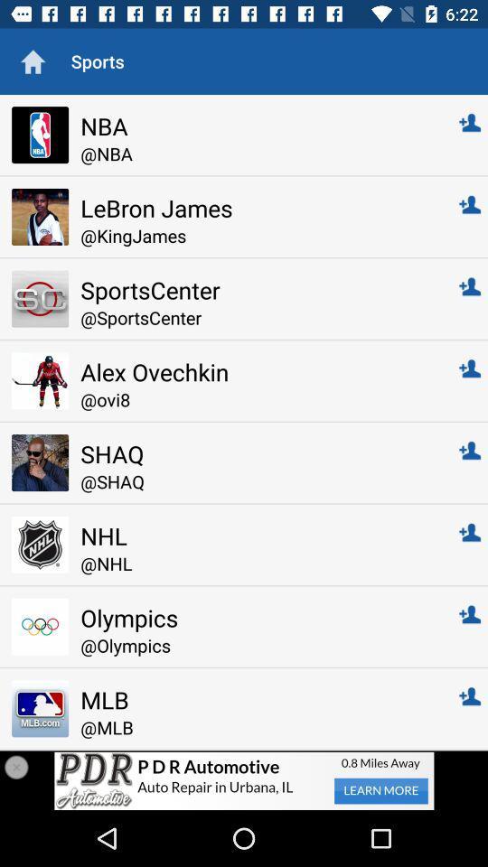  I want to click on the icon below alex ovechkin, so click(257, 399).